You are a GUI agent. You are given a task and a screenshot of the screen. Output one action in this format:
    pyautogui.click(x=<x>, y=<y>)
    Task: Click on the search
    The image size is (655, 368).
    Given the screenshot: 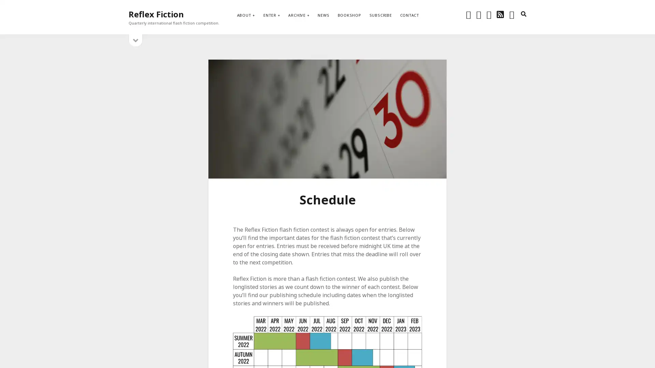 What is the action you would take?
    pyautogui.click(x=523, y=14)
    